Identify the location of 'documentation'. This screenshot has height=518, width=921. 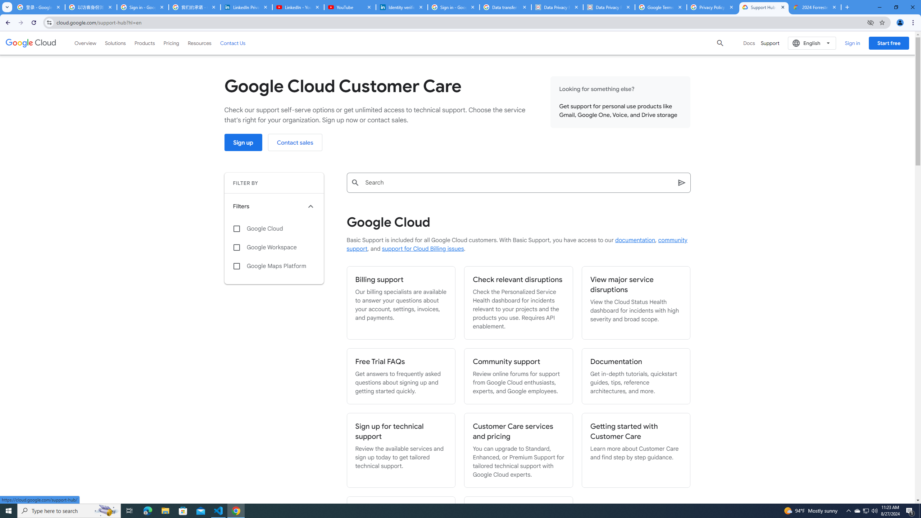
(635, 240).